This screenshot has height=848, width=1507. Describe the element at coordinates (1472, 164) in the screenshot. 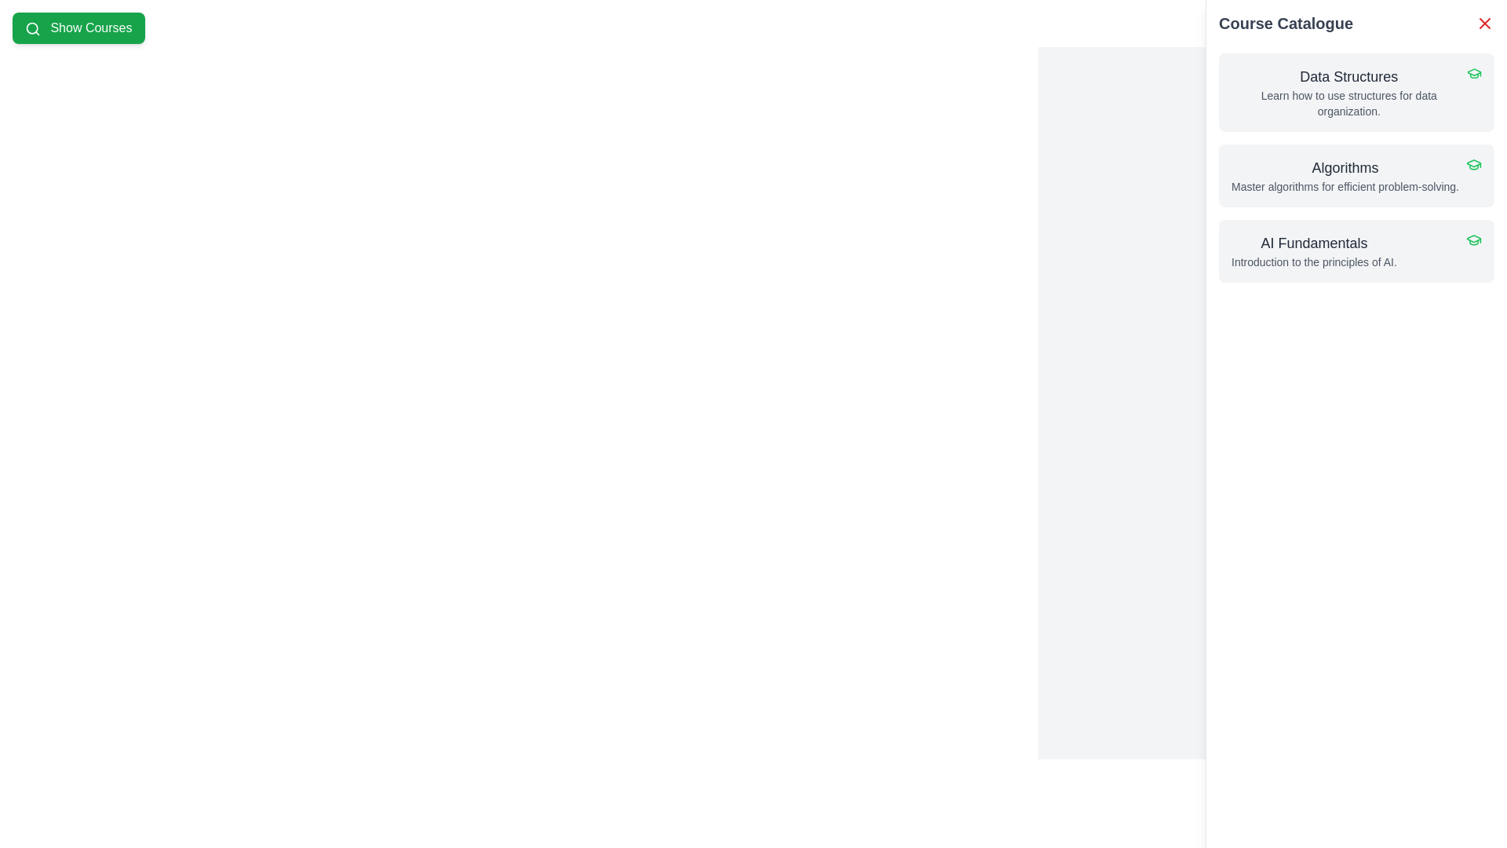

I see `the icon representing the relevance of the associated content to education or learning topics, located in the top-right corner of the 'Algorithms' section next to the course titled 'Algorithms'` at that location.